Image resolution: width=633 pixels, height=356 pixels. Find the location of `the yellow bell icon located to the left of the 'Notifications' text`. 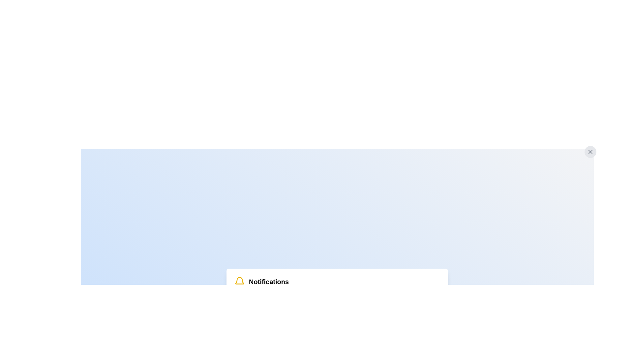

the yellow bell icon located to the left of the 'Notifications' text is located at coordinates (239, 282).